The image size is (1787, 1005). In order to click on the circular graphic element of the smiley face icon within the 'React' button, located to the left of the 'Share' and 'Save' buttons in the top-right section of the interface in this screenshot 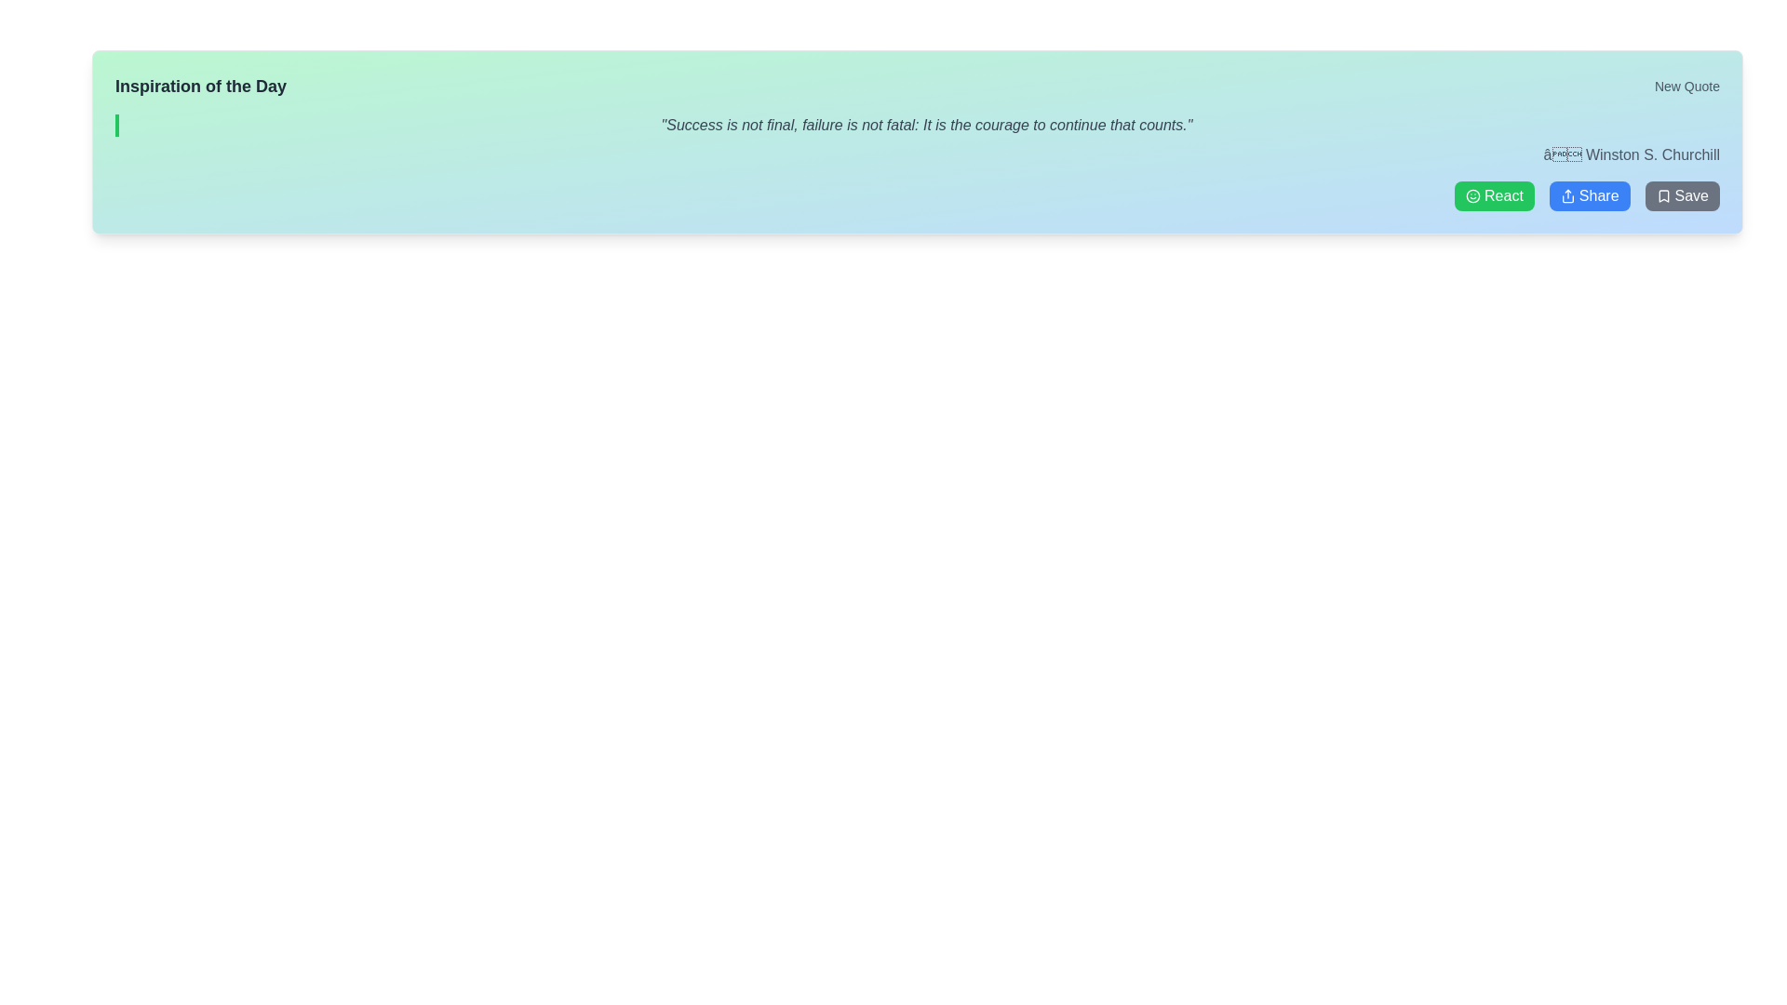, I will do `click(1472, 196)`.